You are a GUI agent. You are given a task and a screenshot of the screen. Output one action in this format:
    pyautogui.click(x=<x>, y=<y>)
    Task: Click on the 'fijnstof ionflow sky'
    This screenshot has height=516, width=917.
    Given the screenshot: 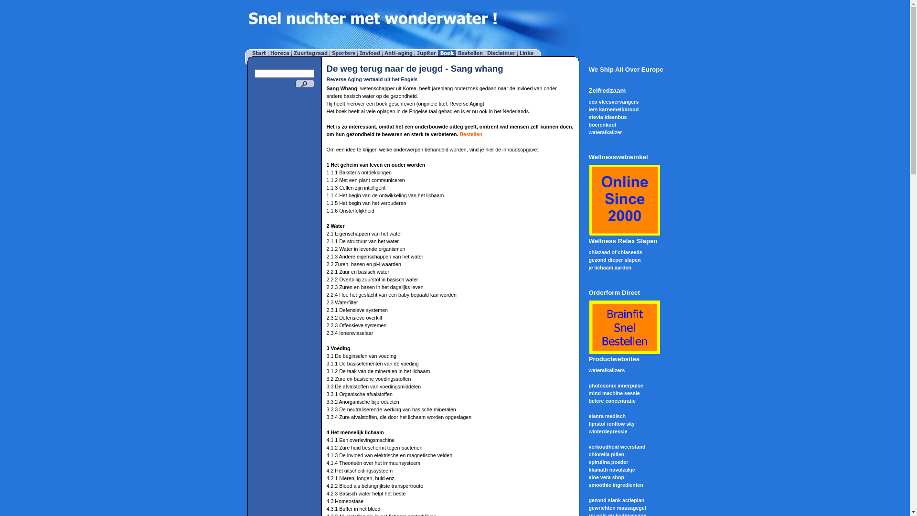 What is the action you would take?
    pyautogui.click(x=611, y=423)
    